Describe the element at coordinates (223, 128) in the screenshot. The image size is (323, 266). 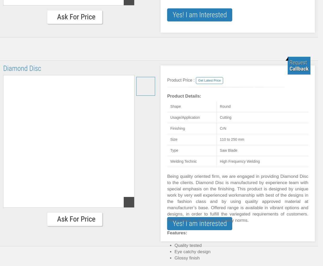
I see `'CrN'` at that location.